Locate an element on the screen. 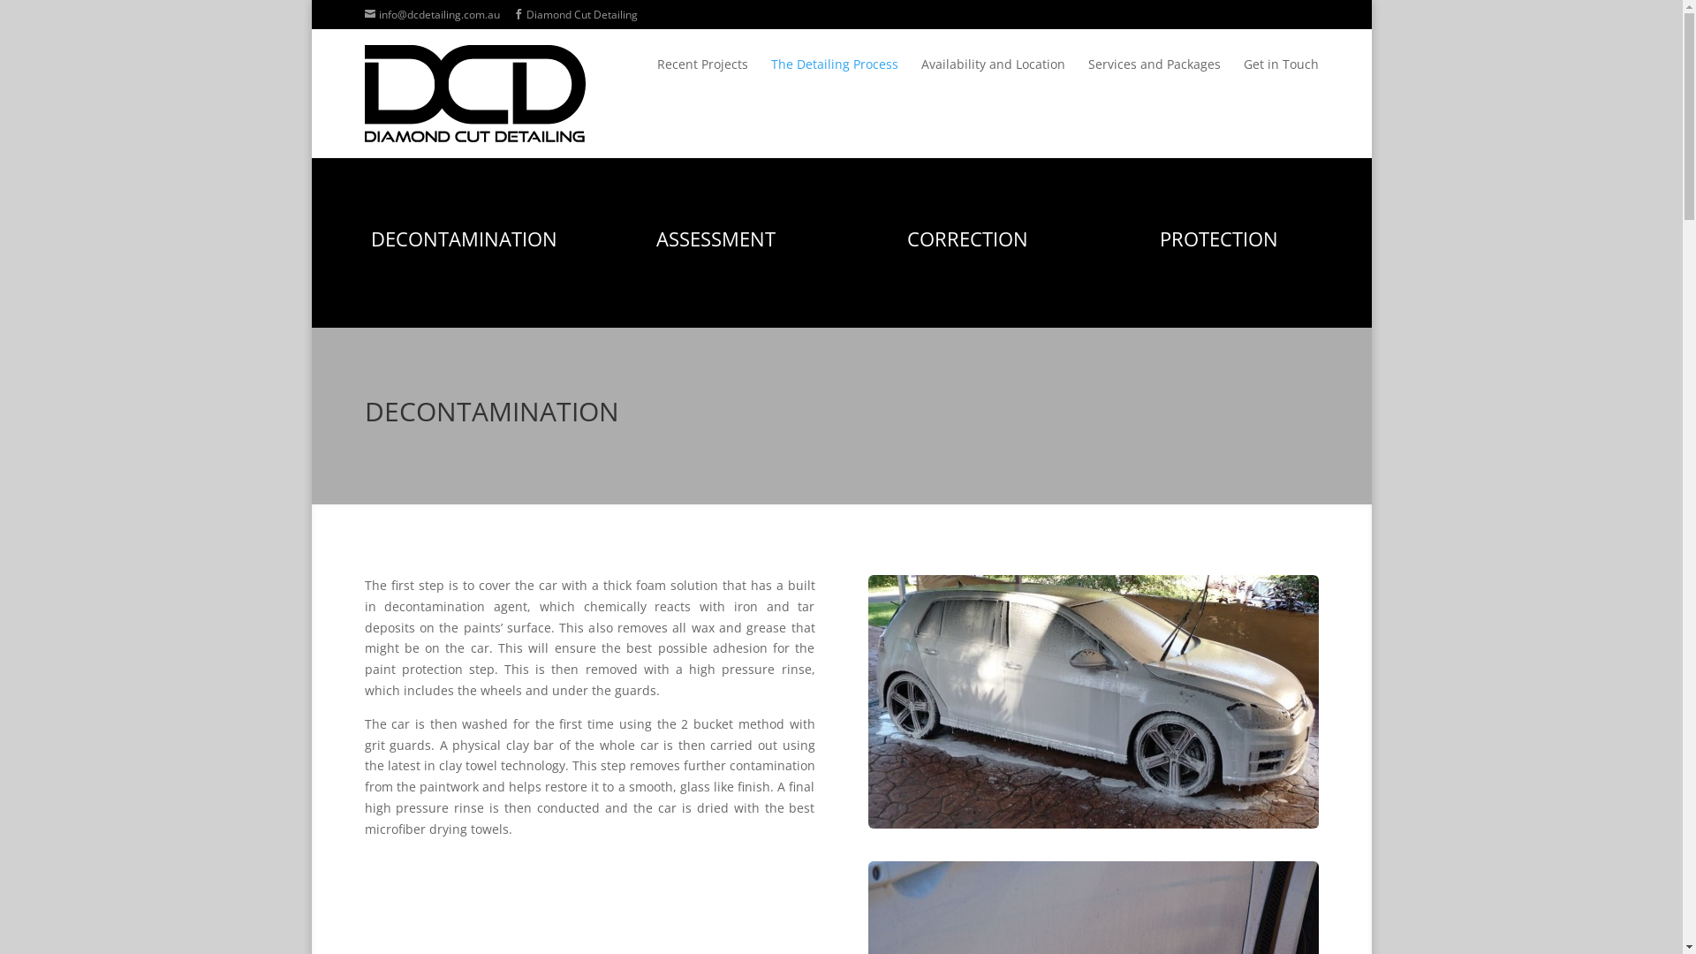 Image resolution: width=1696 pixels, height=954 pixels. 'info@dcdetailing.com.au' is located at coordinates (431, 14).